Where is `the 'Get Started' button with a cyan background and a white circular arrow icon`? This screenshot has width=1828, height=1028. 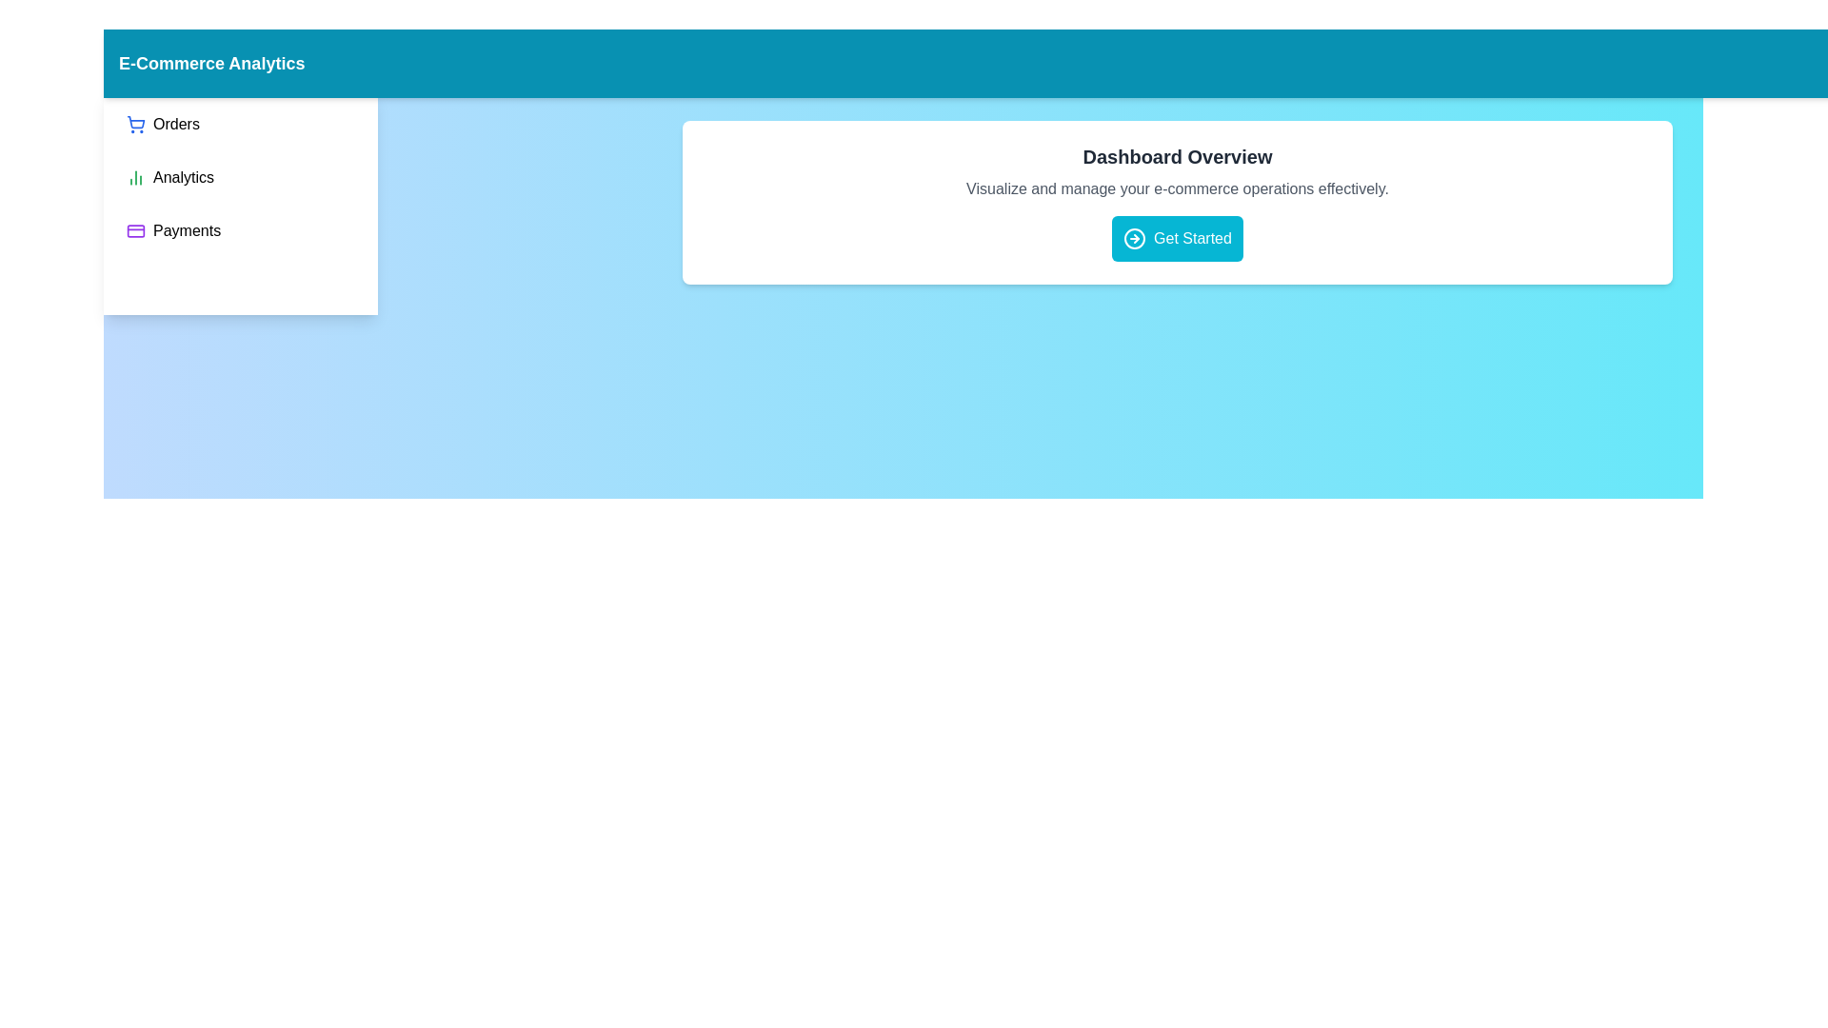
the 'Get Started' button with a cyan background and a white circular arrow icon is located at coordinates (1176, 237).